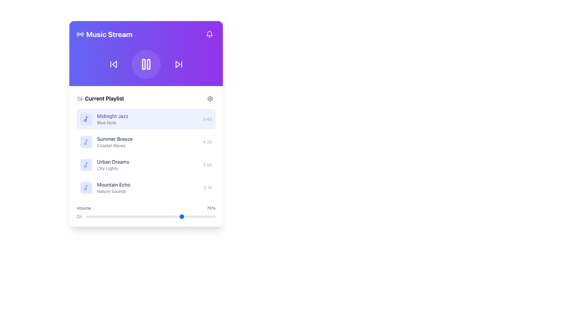 The width and height of the screenshot is (579, 325). I want to click on the circular button with a left-pointing arrow icon, so click(113, 64).